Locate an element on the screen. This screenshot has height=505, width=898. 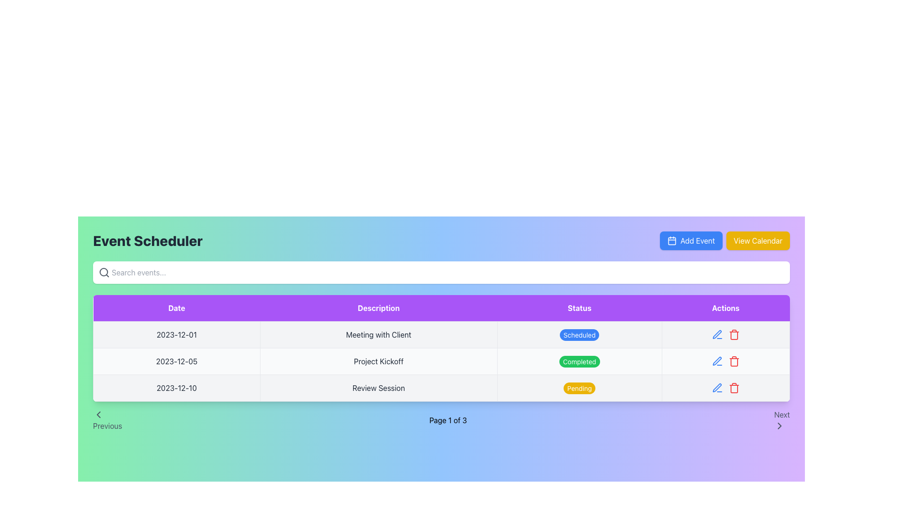
the Text Label displaying '2023-12-01' located in the top row of the 'Date' column within a table is located at coordinates (176, 334).